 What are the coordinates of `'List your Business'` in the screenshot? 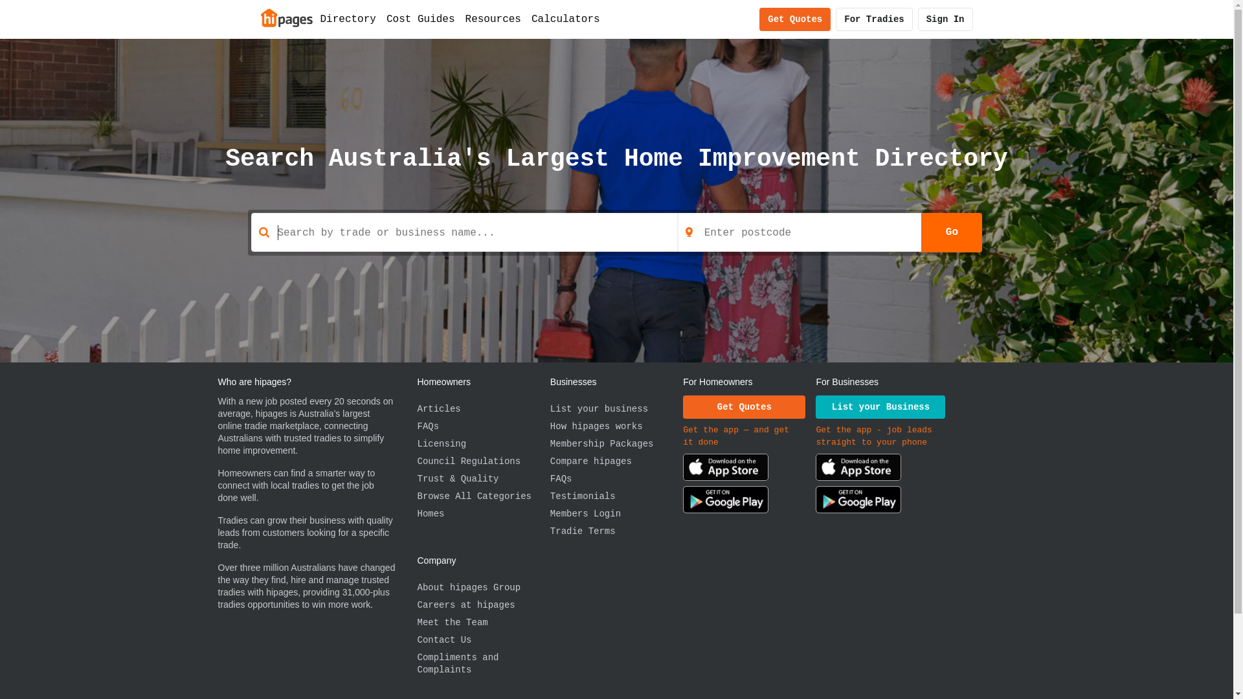 It's located at (814, 406).